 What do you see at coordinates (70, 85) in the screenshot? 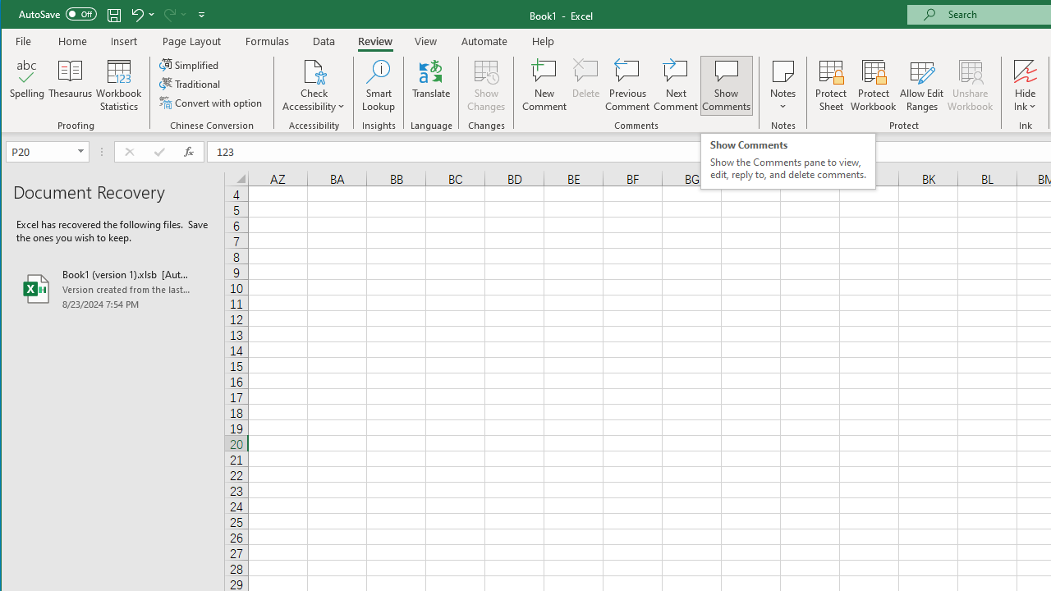
I see `'Thesaurus...'` at bounding box center [70, 85].